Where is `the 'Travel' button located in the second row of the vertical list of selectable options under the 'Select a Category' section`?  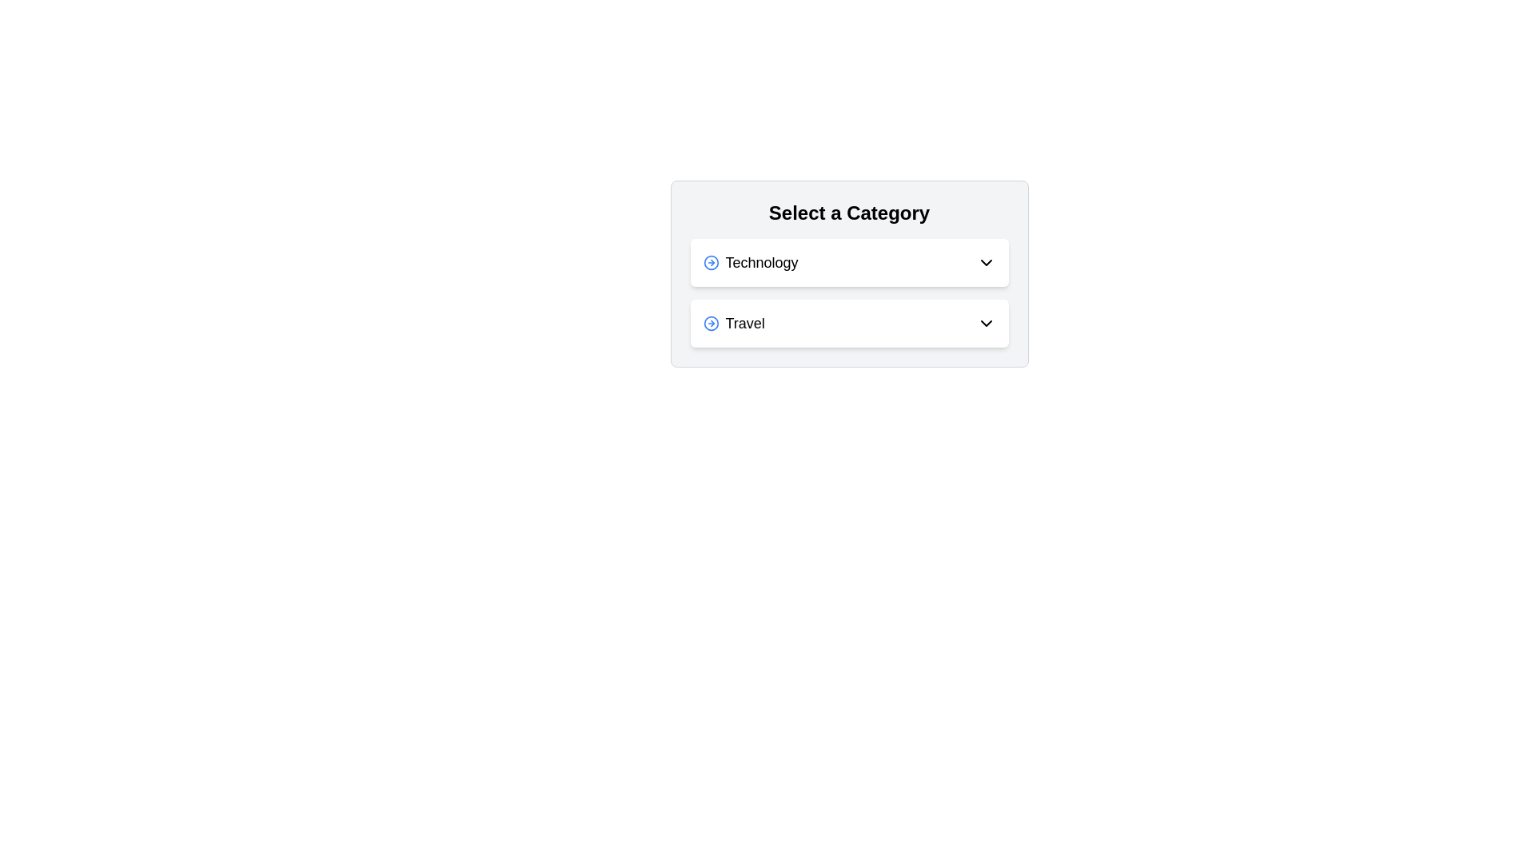
the 'Travel' button located in the second row of the vertical list of selectable options under the 'Select a Category' section is located at coordinates (848, 324).